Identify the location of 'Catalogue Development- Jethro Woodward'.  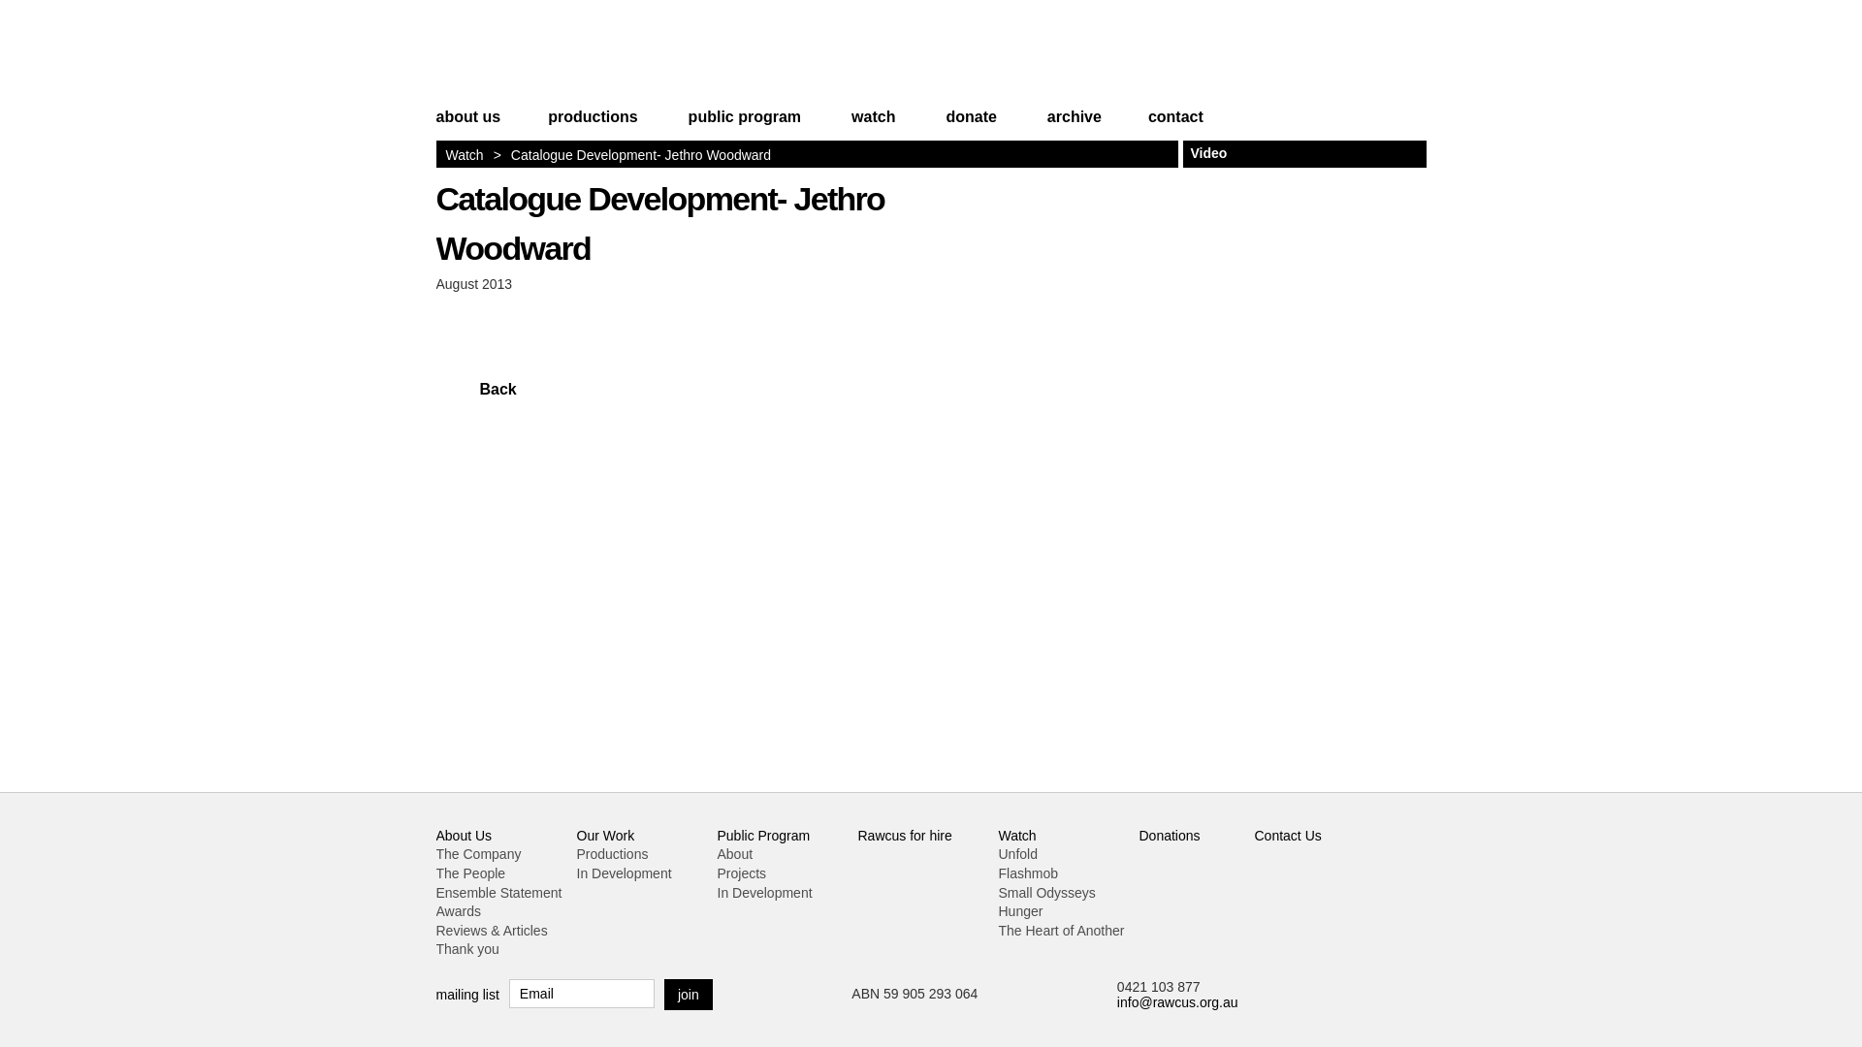
(660, 222).